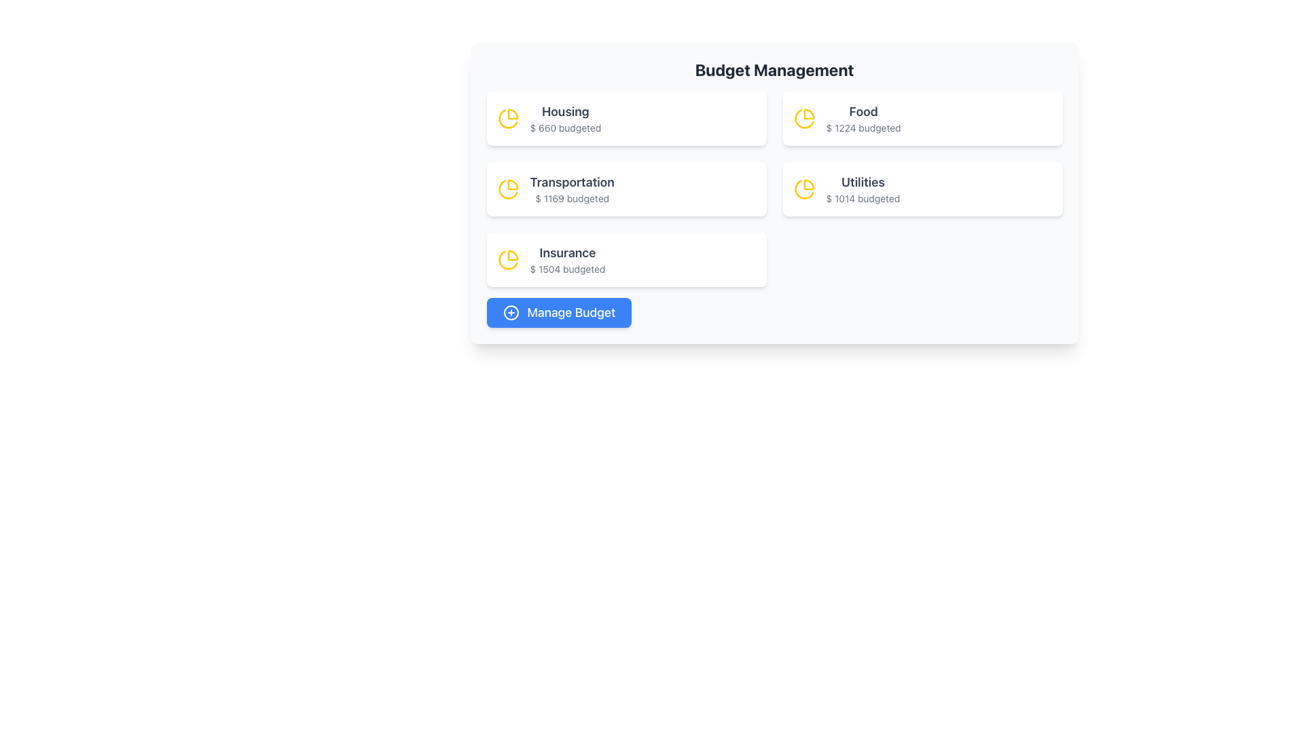 The width and height of the screenshot is (1304, 733). What do you see at coordinates (512, 185) in the screenshot?
I see `the right-side segment of the pie chart icon representing the 'Transportation' budget category` at bounding box center [512, 185].